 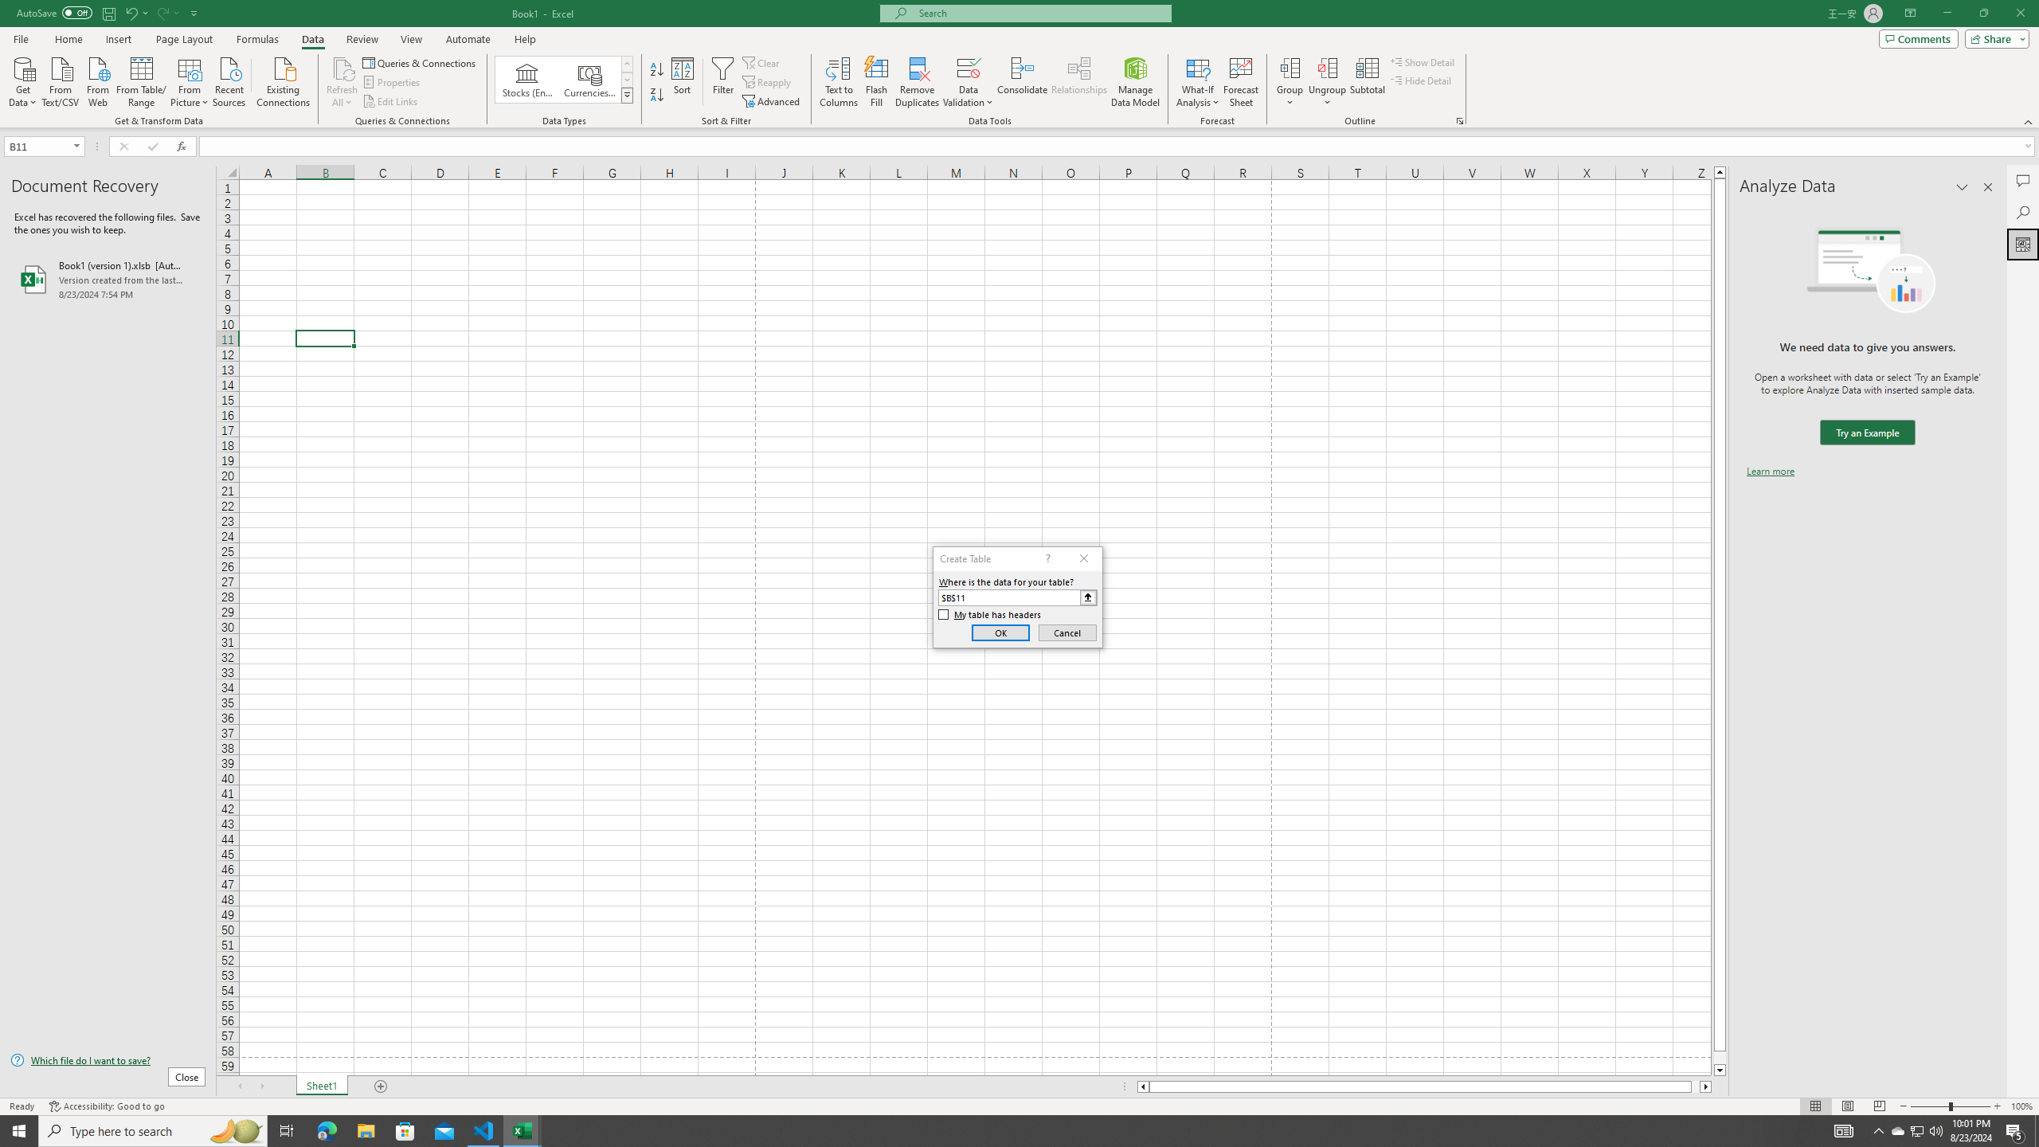 I want to click on 'Sort...', so click(x=682, y=82).